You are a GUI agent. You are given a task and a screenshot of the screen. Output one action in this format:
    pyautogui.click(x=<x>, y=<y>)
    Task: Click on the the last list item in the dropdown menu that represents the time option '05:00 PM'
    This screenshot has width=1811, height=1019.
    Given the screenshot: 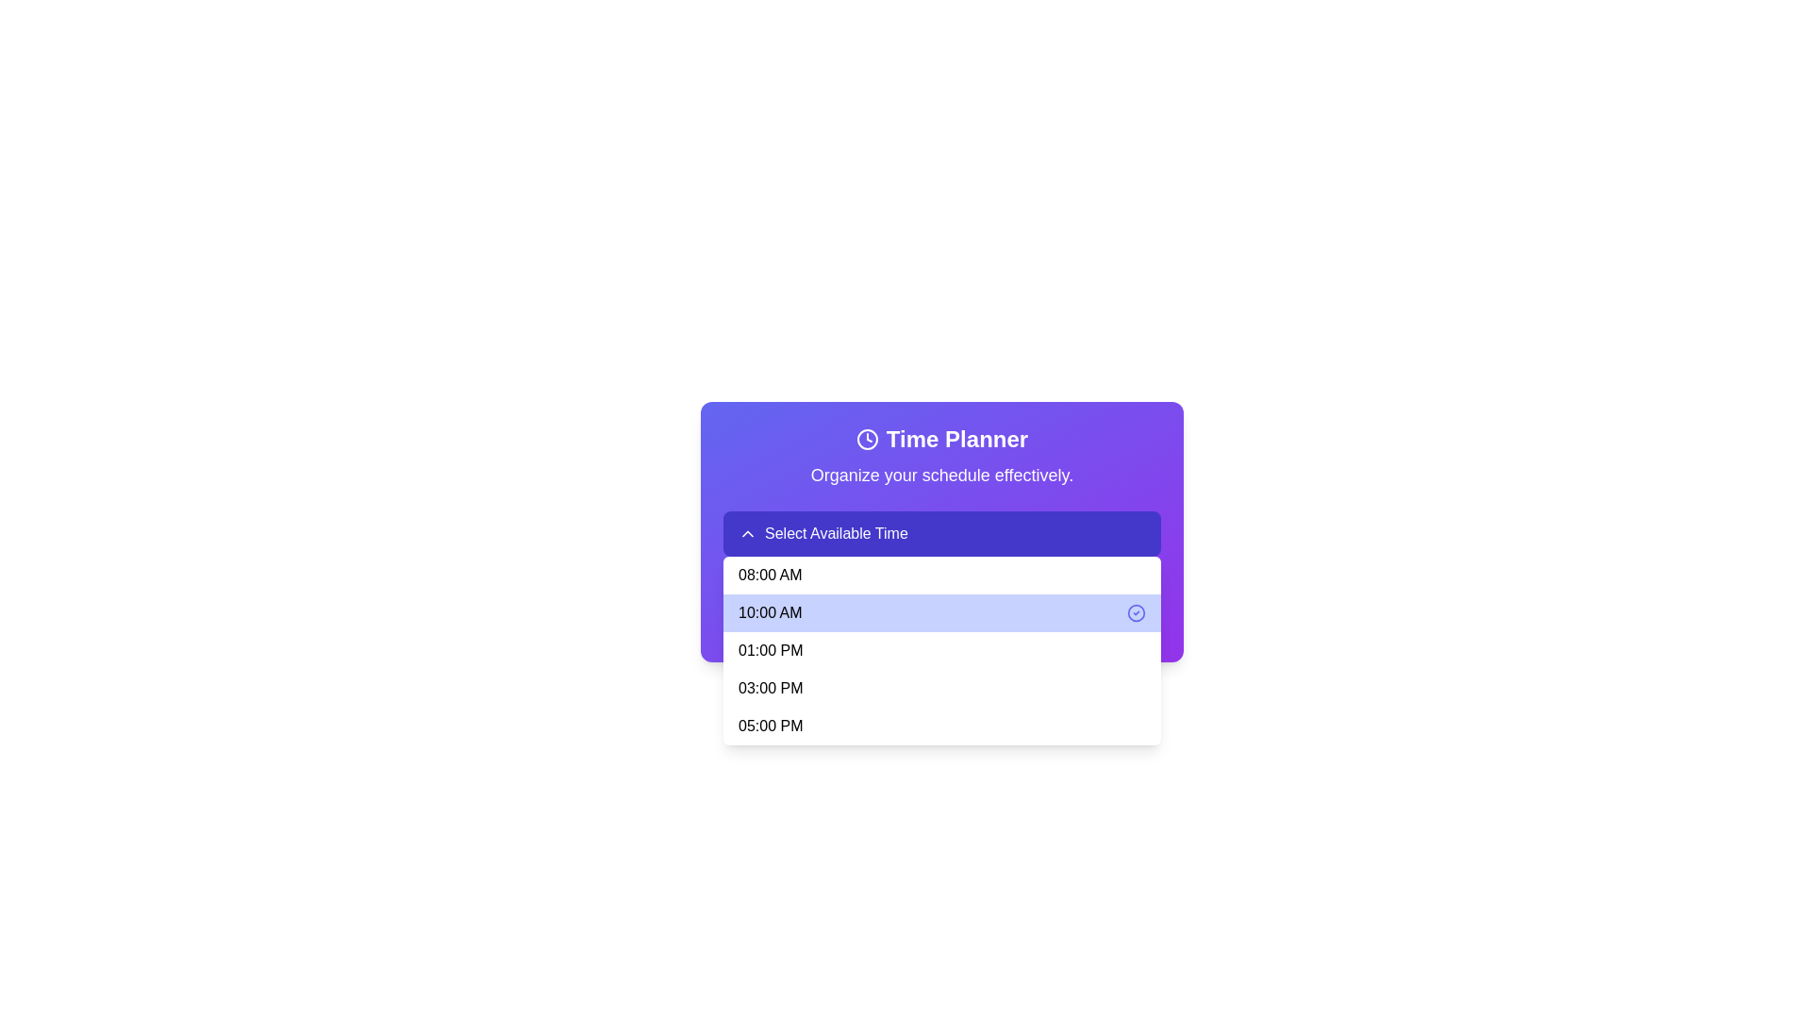 What is the action you would take?
    pyautogui.click(x=941, y=726)
    